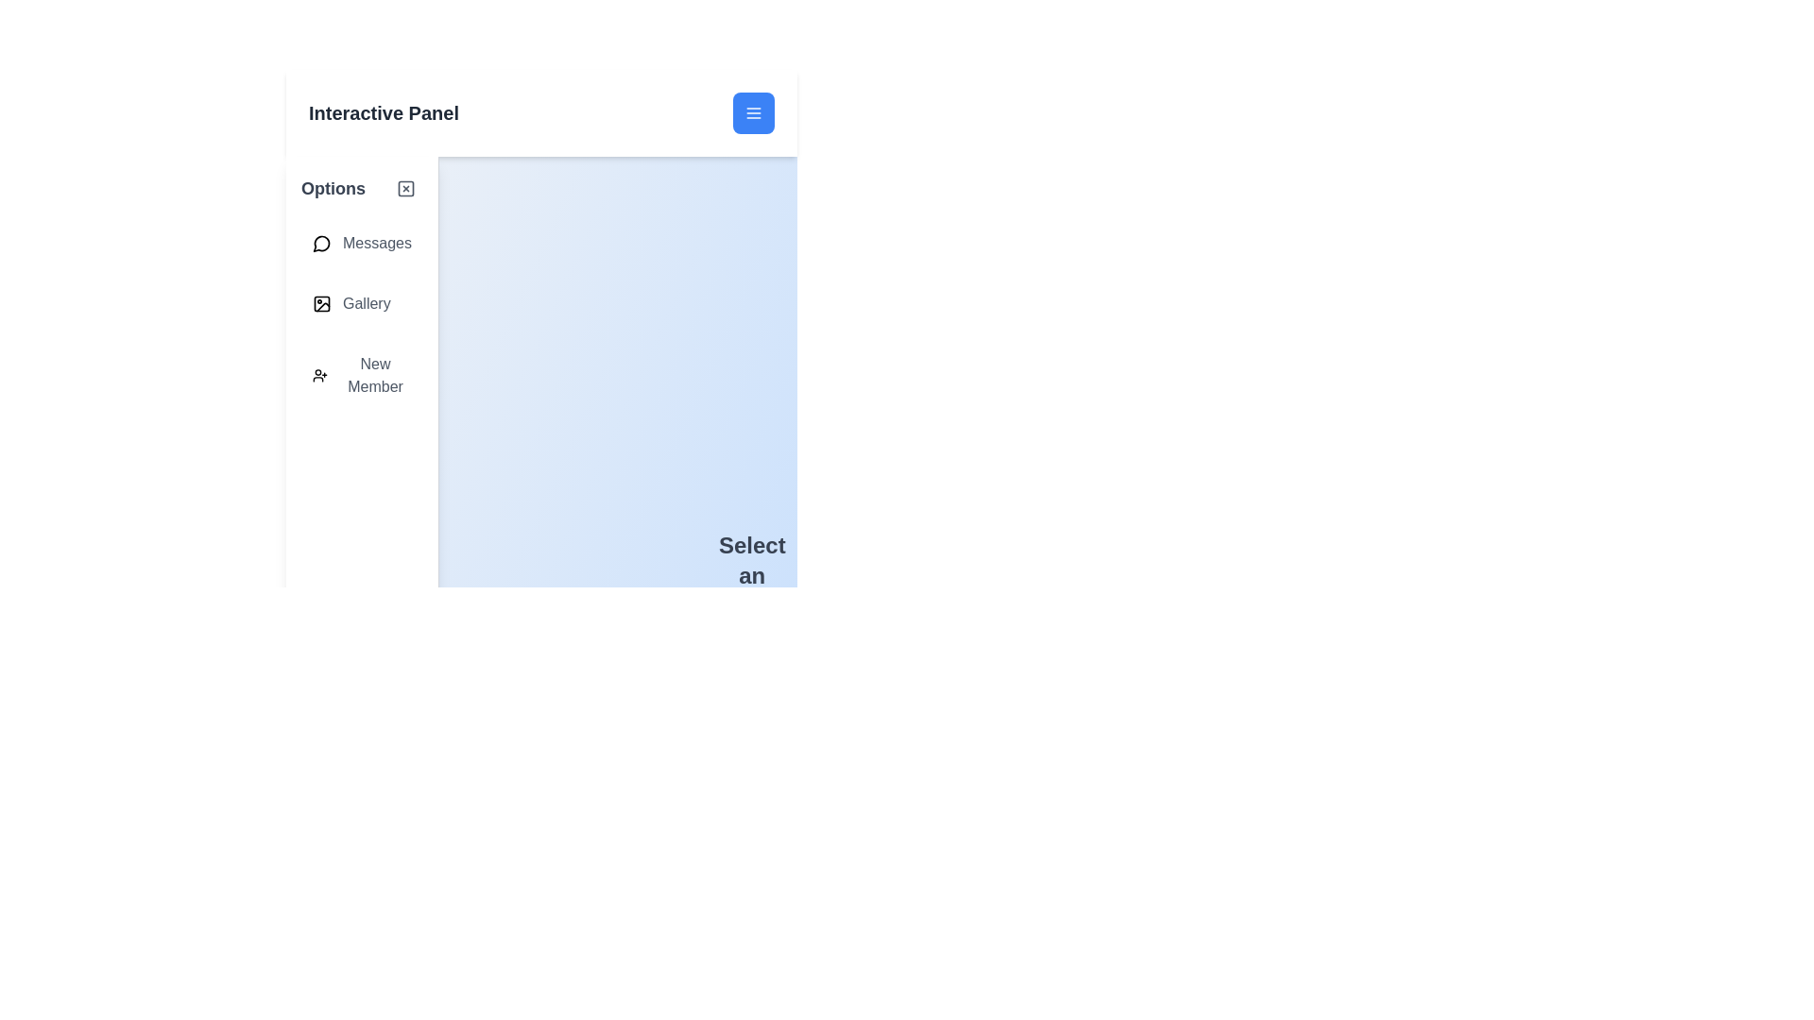 Image resolution: width=1814 pixels, height=1020 pixels. What do you see at coordinates (404, 189) in the screenshot?
I see `the small, gray, outlined square icon with rounded corners that contains an 'X' mark, located in the left-hand sidebar adjacent to the 'Options' label` at bounding box center [404, 189].